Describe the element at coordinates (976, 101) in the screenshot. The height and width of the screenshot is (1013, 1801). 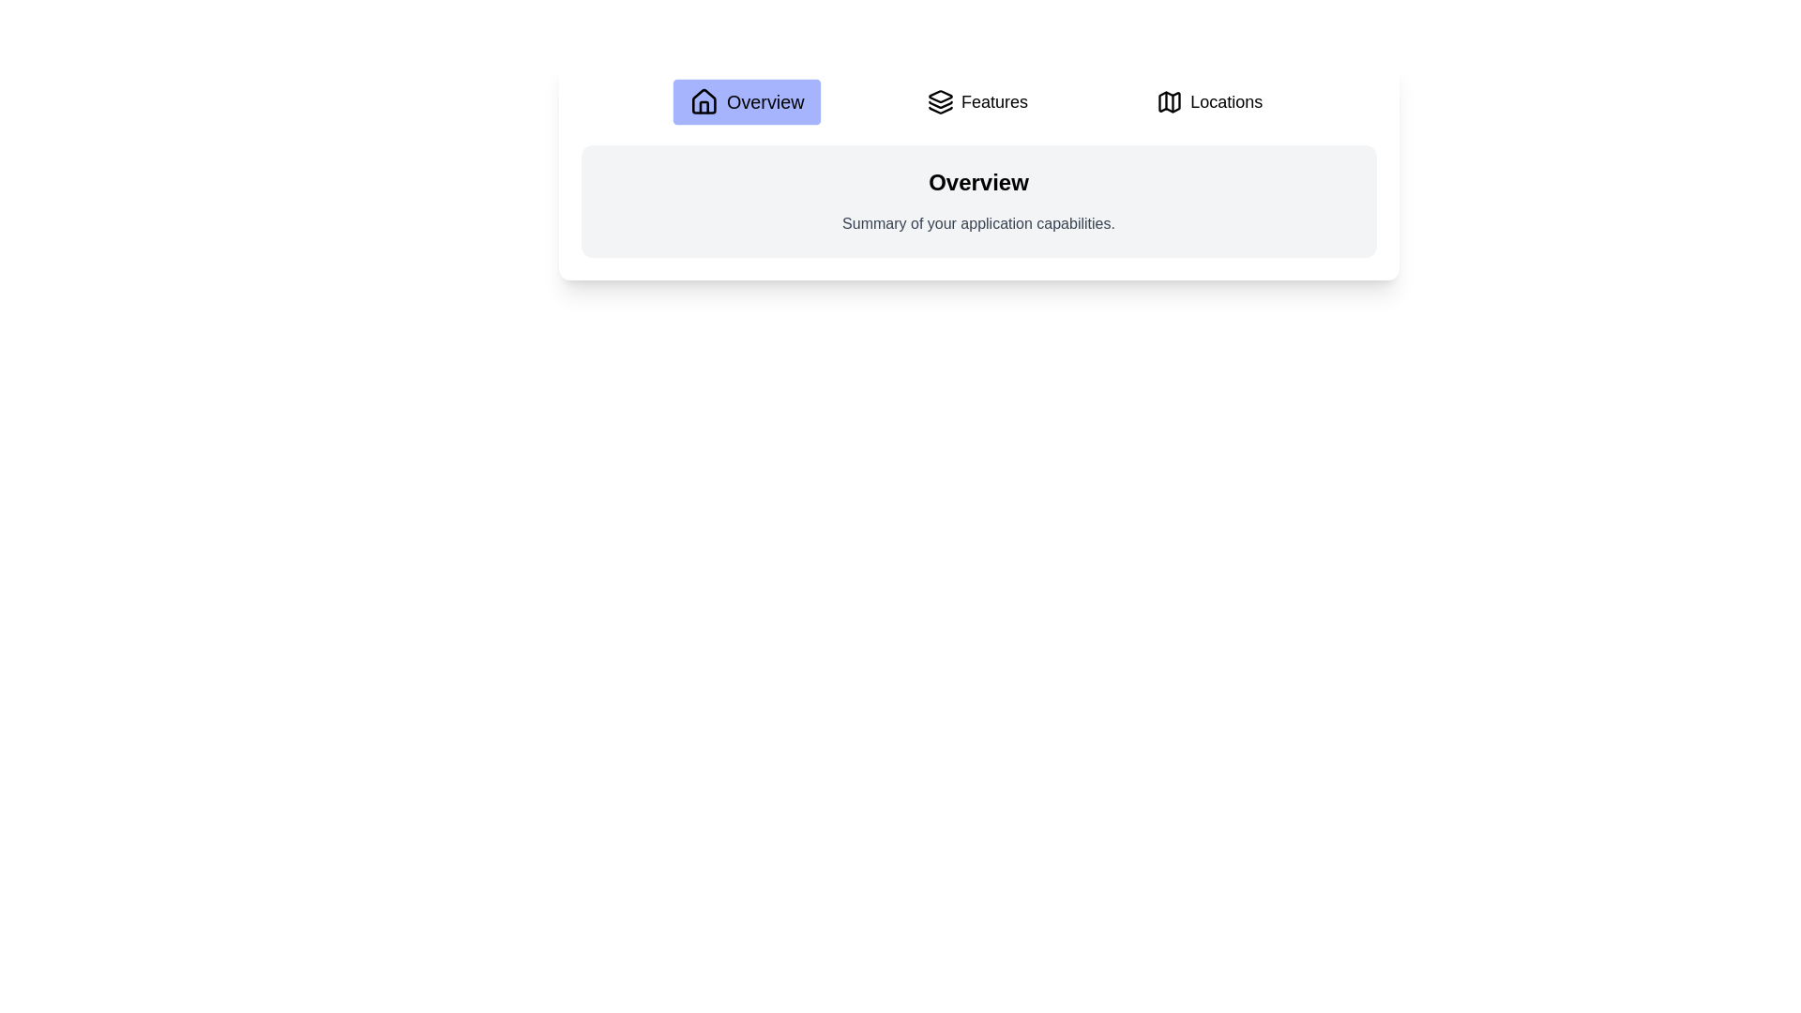
I see `the Features tab to view its content` at that location.